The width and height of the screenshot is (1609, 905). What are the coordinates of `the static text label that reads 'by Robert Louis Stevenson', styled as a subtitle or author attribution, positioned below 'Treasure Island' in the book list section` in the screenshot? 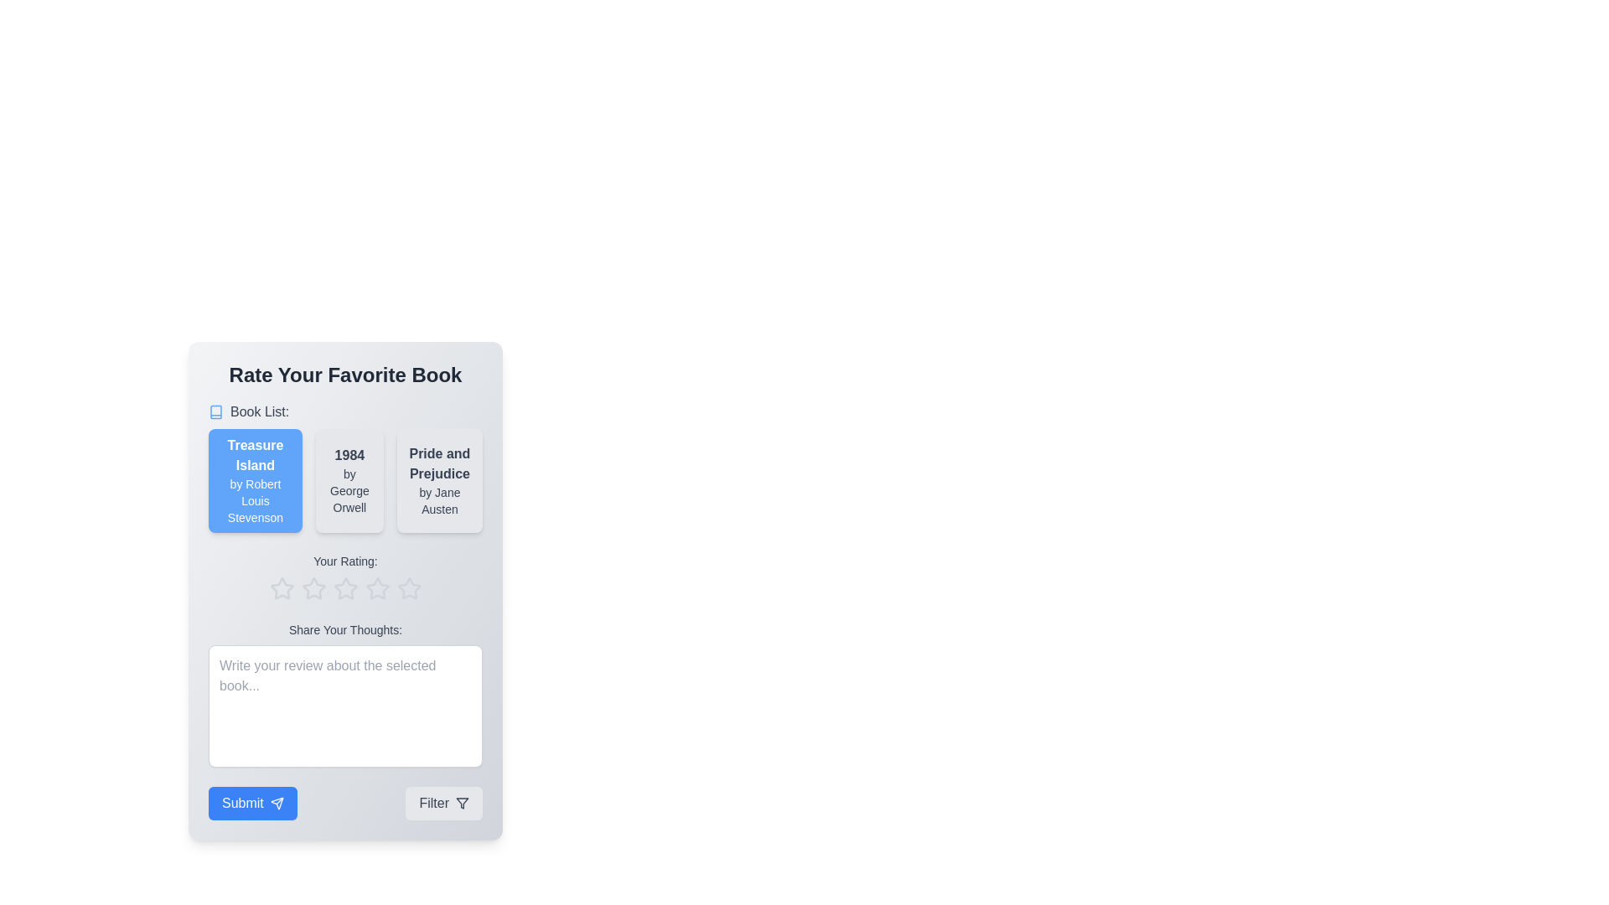 It's located at (254, 499).